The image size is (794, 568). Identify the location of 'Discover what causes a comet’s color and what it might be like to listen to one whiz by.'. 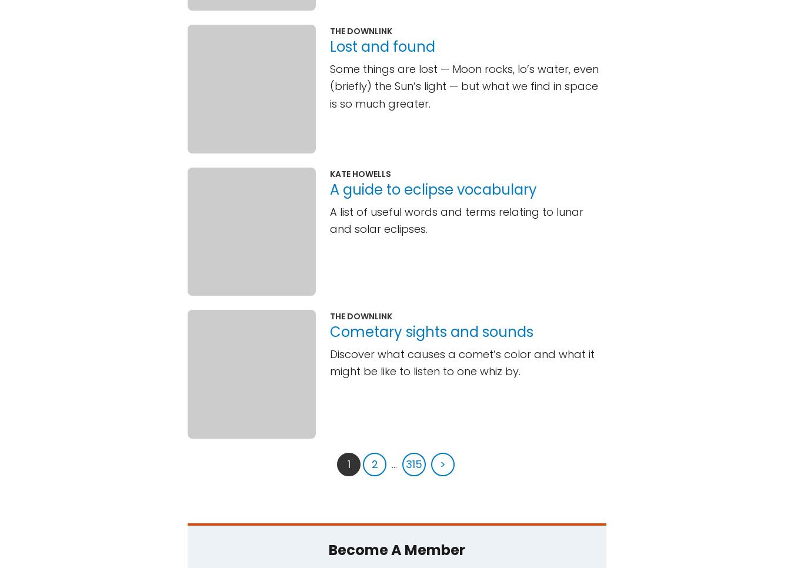
(461, 362).